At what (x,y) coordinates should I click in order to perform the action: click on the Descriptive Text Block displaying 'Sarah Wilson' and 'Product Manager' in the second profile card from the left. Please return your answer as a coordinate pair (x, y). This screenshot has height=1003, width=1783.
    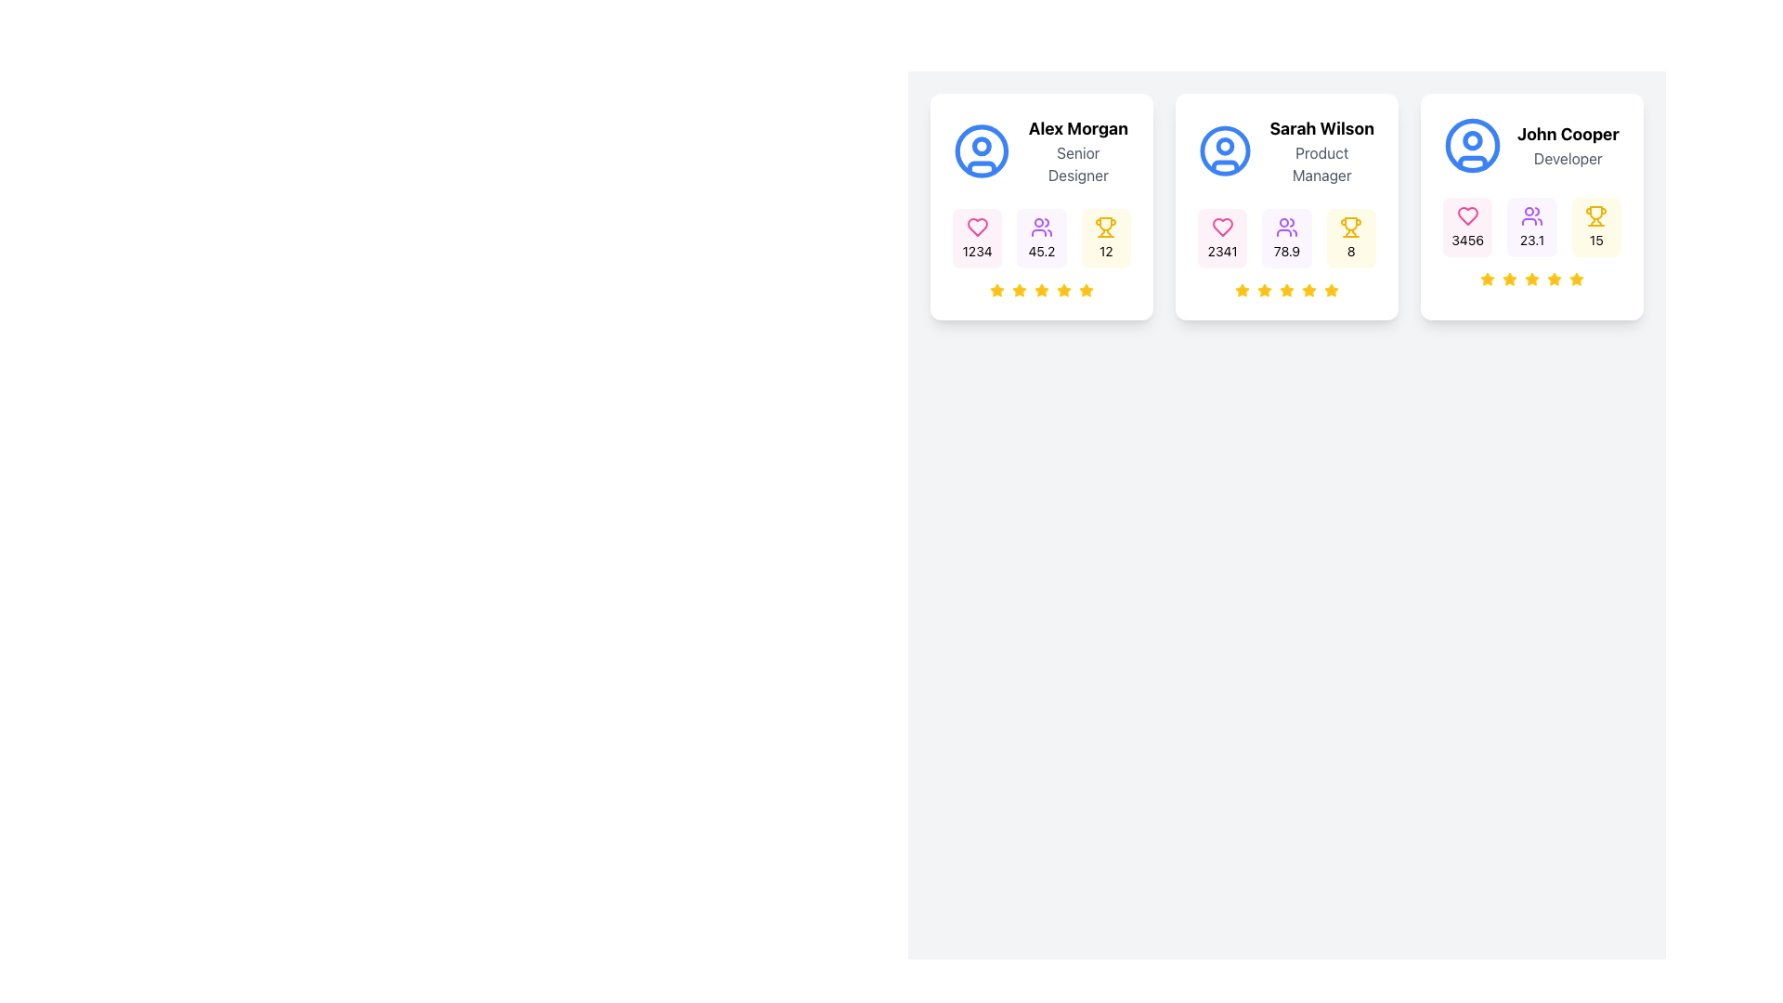
    Looking at the image, I should click on (1321, 150).